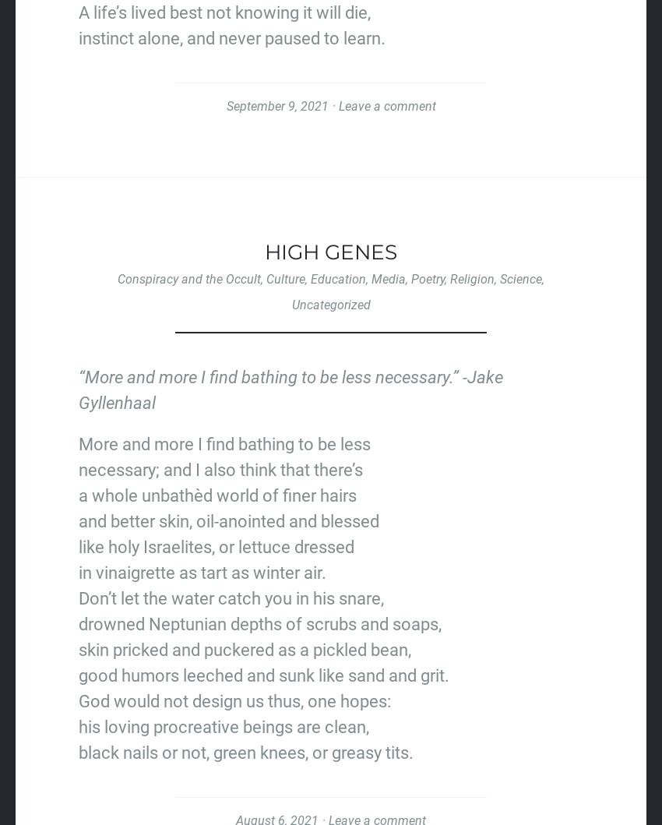 The height and width of the screenshot is (825, 662). Describe the element at coordinates (427, 278) in the screenshot. I see `'Poetry'` at that location.